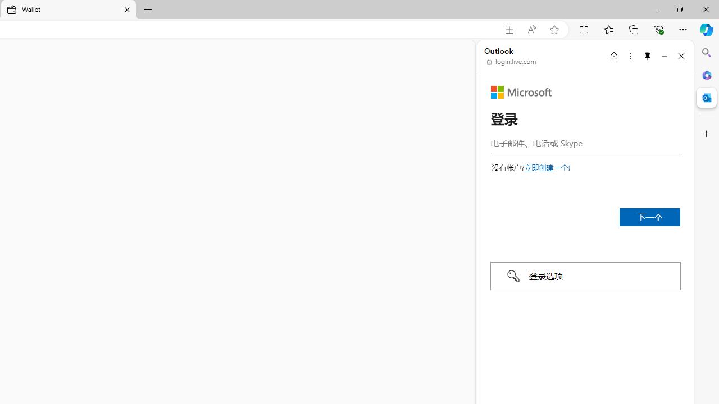 This screenshot has width=719, height=404. What do you see at coordinates (648, 56) in the screenshot?
I see `'Unpin side pane'` at bounding box center [648, 56].